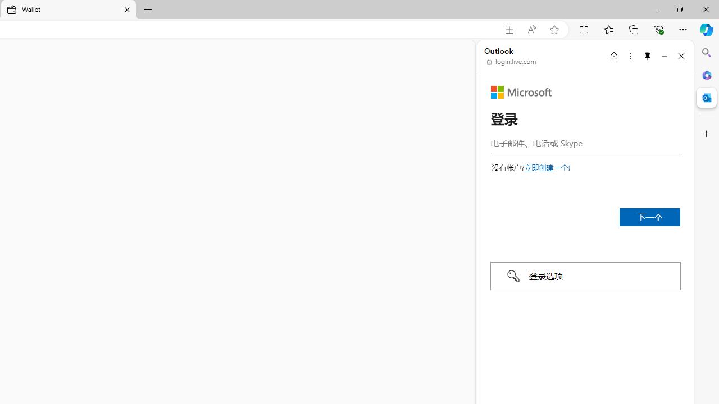 This screenshot has width=719, height=404. What do you see at coordinates (648, 56) in the screenshot?
I see `'Unpin side pane'` at bounding box center [648, 56].